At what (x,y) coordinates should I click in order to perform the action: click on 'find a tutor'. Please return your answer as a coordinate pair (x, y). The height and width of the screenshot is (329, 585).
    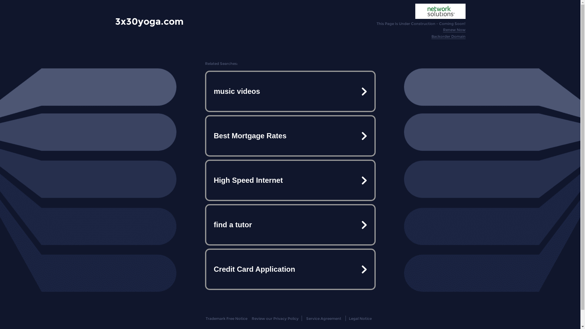
    Looking at the image, I should click on (289, 225).